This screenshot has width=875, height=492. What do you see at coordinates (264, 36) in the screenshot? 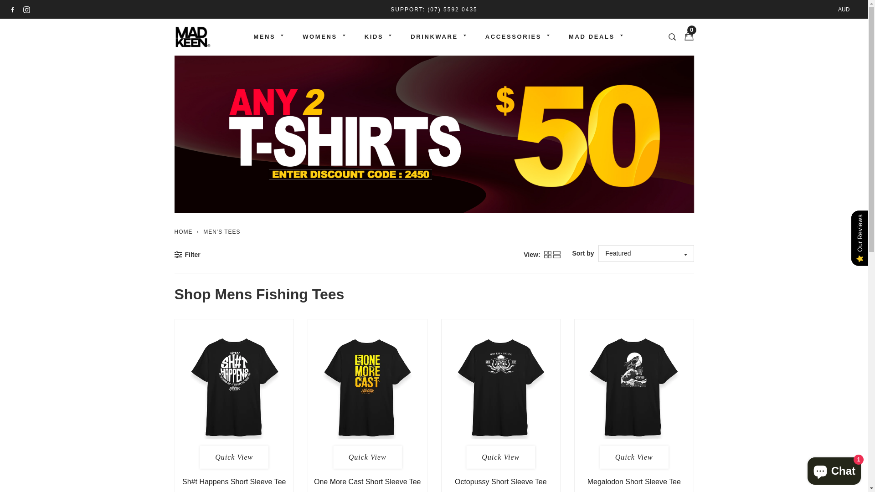
I see `'MENS'` at bounding box center [264, 36].